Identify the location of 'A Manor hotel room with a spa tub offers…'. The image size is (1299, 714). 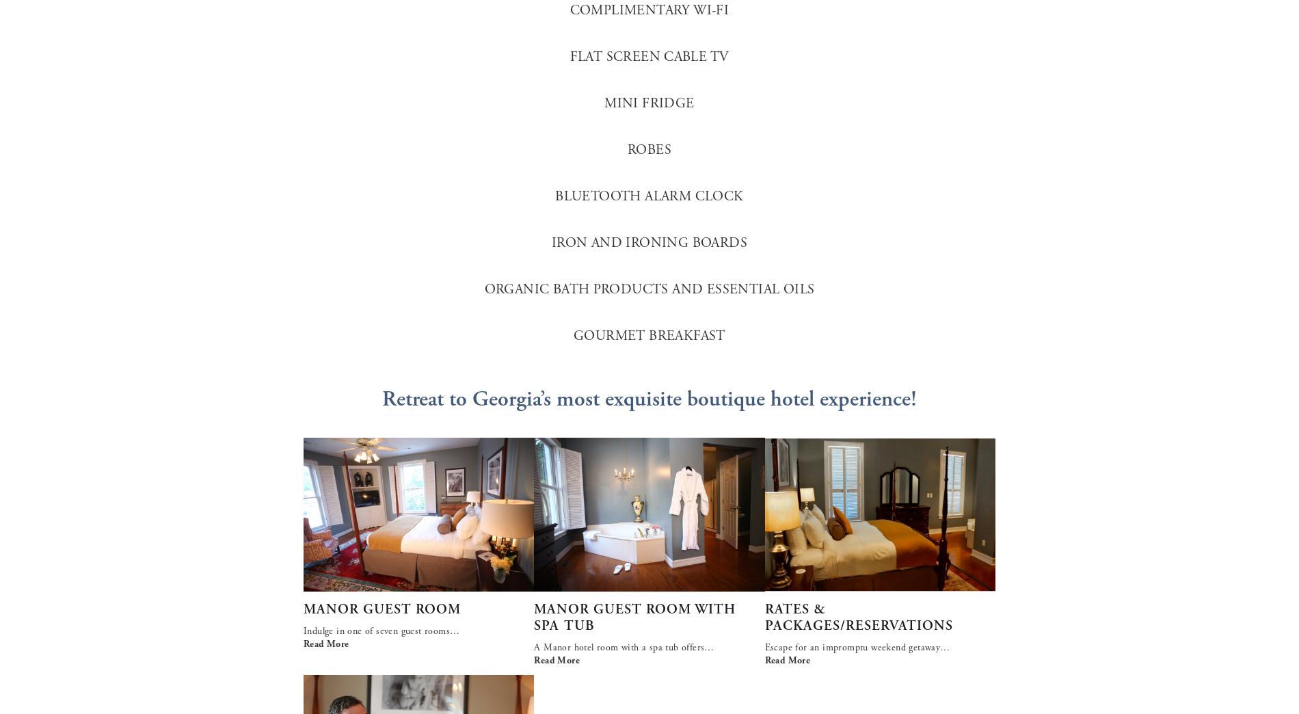
(623, 646).